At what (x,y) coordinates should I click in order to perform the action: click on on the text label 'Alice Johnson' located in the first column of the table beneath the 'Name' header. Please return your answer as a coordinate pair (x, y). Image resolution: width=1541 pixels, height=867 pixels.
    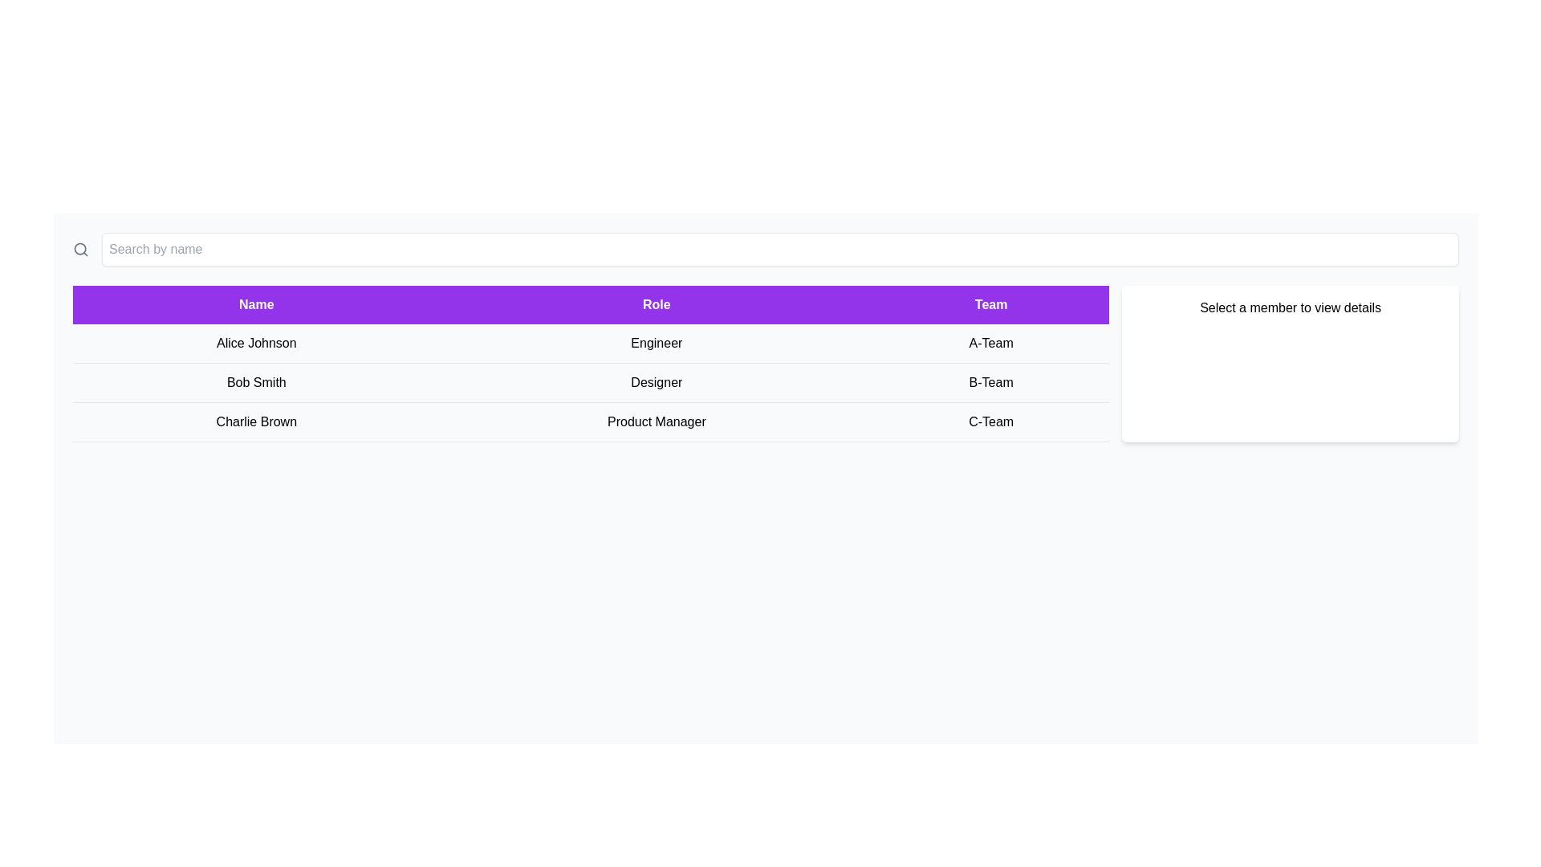
    Looking at the image, I should click on (255, 343).